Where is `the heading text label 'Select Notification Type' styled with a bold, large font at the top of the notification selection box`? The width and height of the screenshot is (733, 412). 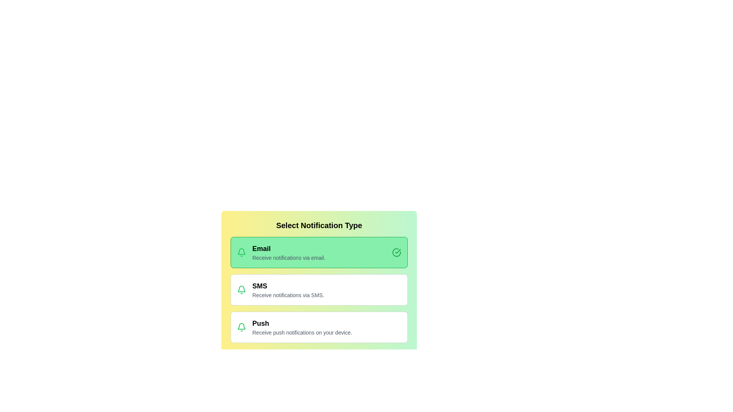 the heading text label 'Select Notification Type' styled with a bold, large font at the top of the notification selection box is located at coordinates (319, 225).